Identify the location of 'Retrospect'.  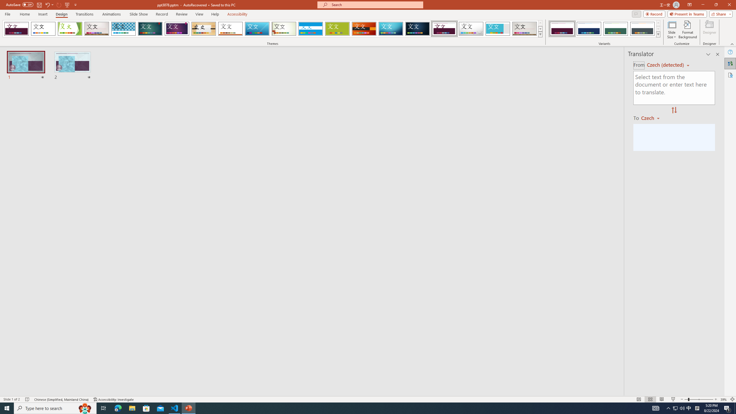
(230, 28).